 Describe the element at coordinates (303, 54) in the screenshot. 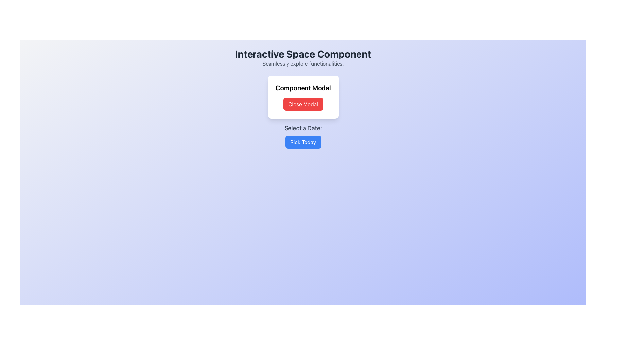

I see `the header text element located at the top-center of the interface` at that location.